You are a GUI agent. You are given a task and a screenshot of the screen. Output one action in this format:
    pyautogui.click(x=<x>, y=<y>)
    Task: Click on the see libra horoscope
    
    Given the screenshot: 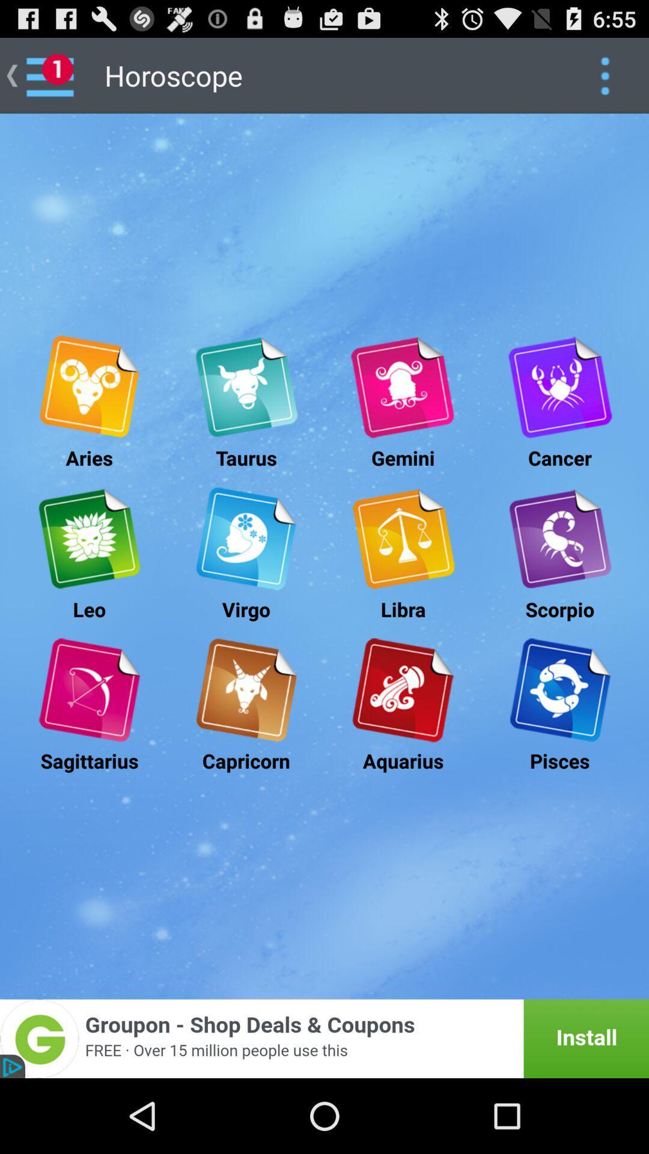 What is the action you would take?
    pyautogui.click(x=403, y=538)
    